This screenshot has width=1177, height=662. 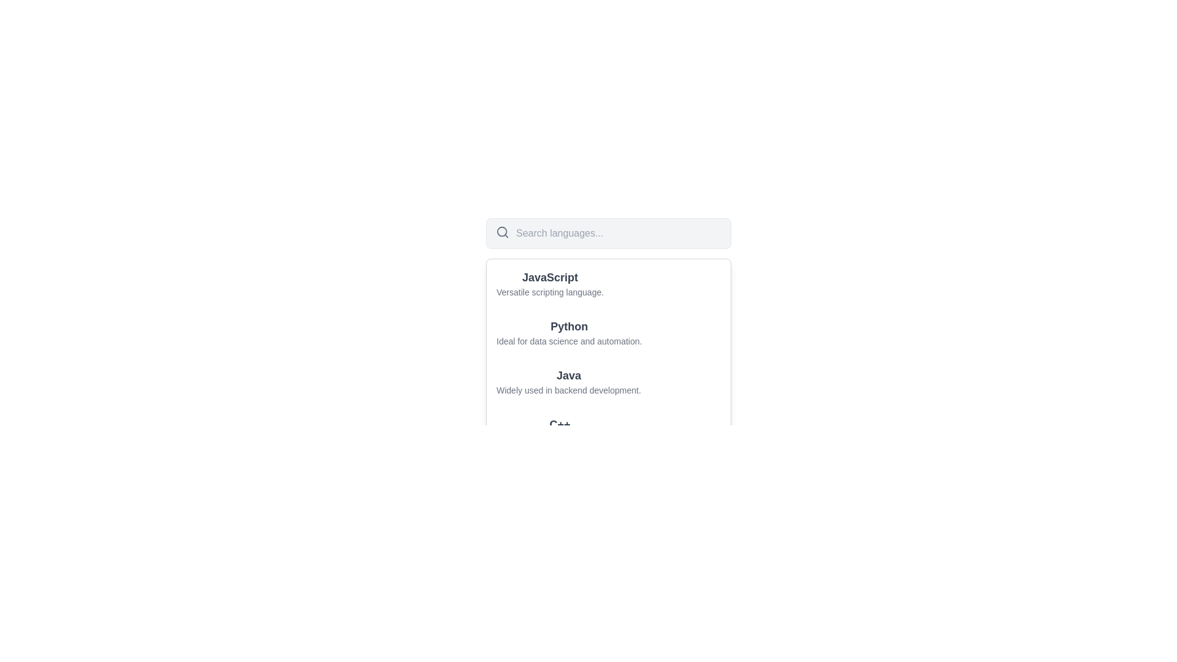 I want to click on the 'JavaScript' text block which is the first item in the list of programming languages, so click(x=549, y=283).